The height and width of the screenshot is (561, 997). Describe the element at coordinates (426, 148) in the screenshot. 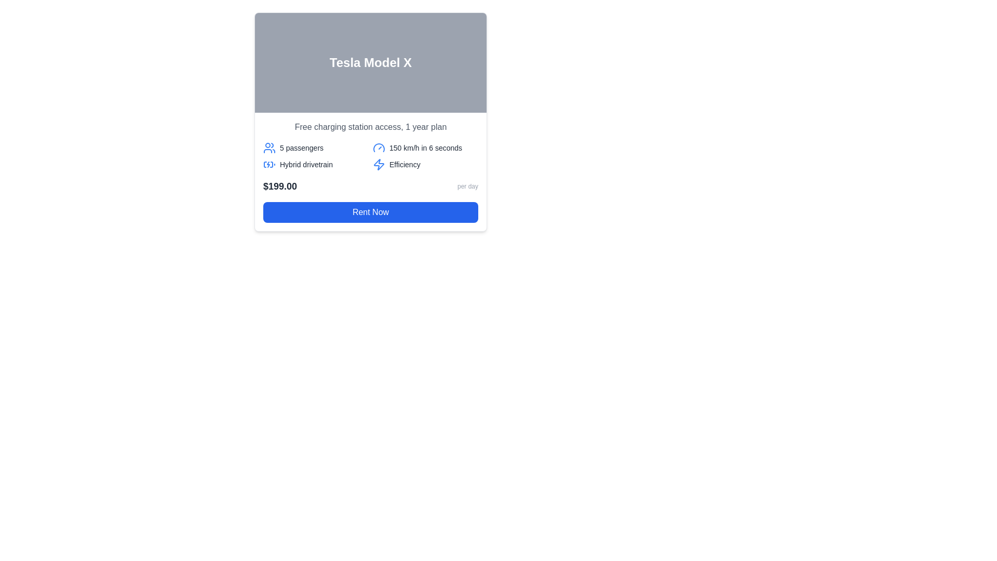

I see `the text element that provides performance-related information about the vehicle's acceleration capability, located in the central-right portion of the card next to a blue circular gauge icon` at that location.